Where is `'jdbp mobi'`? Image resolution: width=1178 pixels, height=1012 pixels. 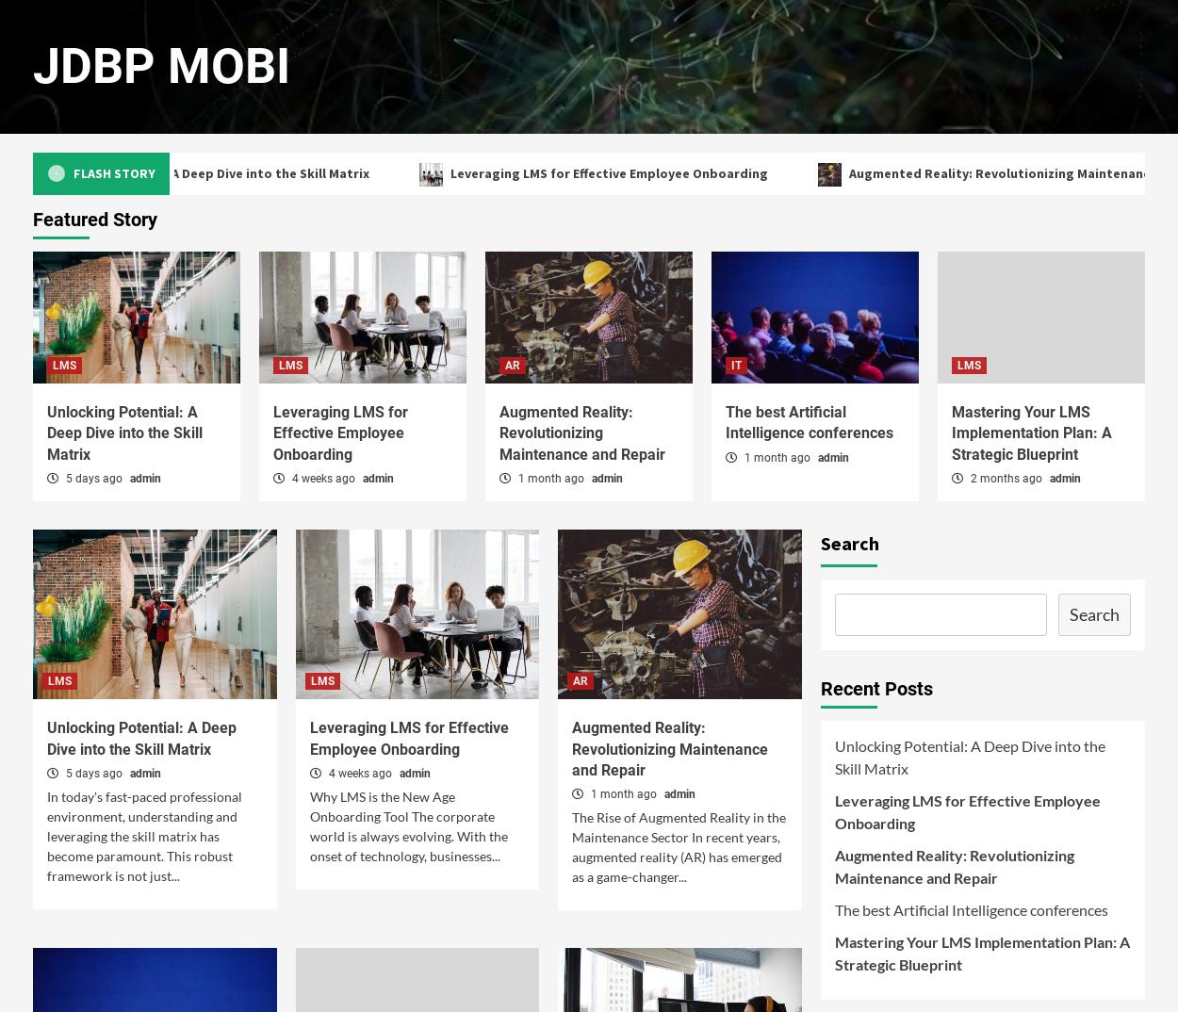 'jdbp mobi' is located at coordinates (161, 66).